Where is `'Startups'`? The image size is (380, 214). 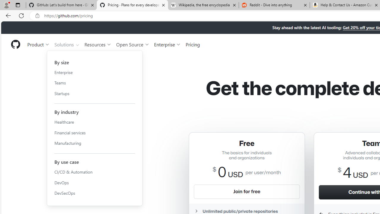
'Startups' is located at coordinates (94, 93).